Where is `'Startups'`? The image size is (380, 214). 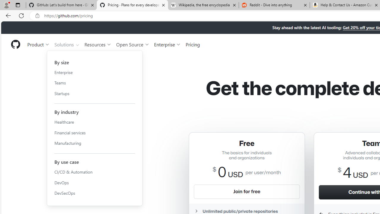
'Startups' is located at coordinates (94, 93).